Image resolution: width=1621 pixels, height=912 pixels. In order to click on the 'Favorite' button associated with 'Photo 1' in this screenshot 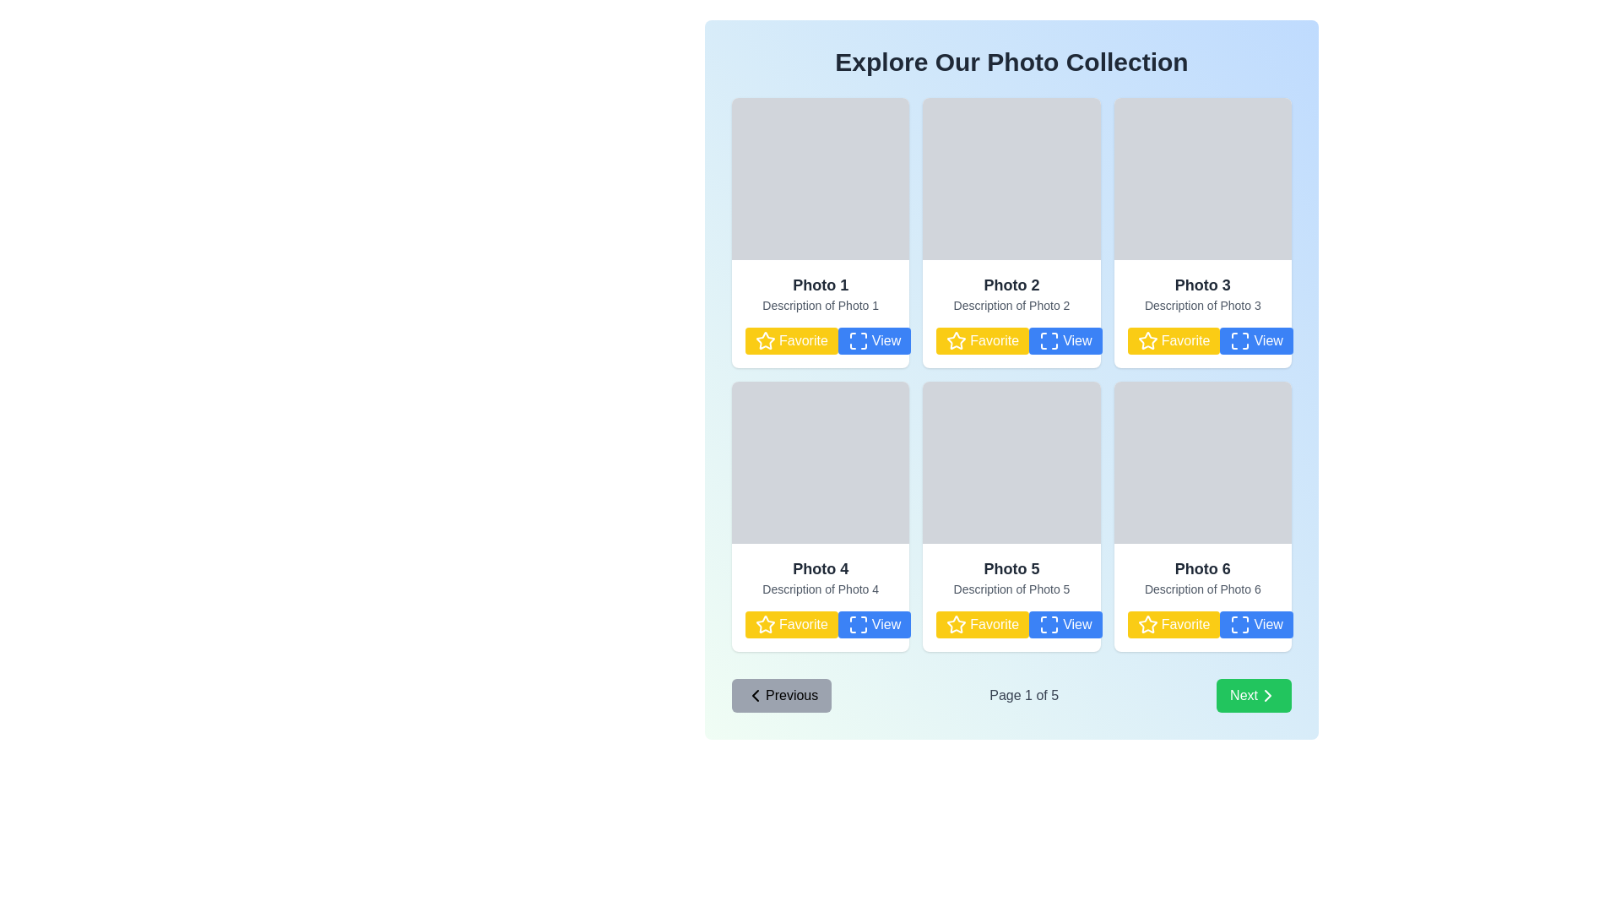, I will do `click(790, 341)`.